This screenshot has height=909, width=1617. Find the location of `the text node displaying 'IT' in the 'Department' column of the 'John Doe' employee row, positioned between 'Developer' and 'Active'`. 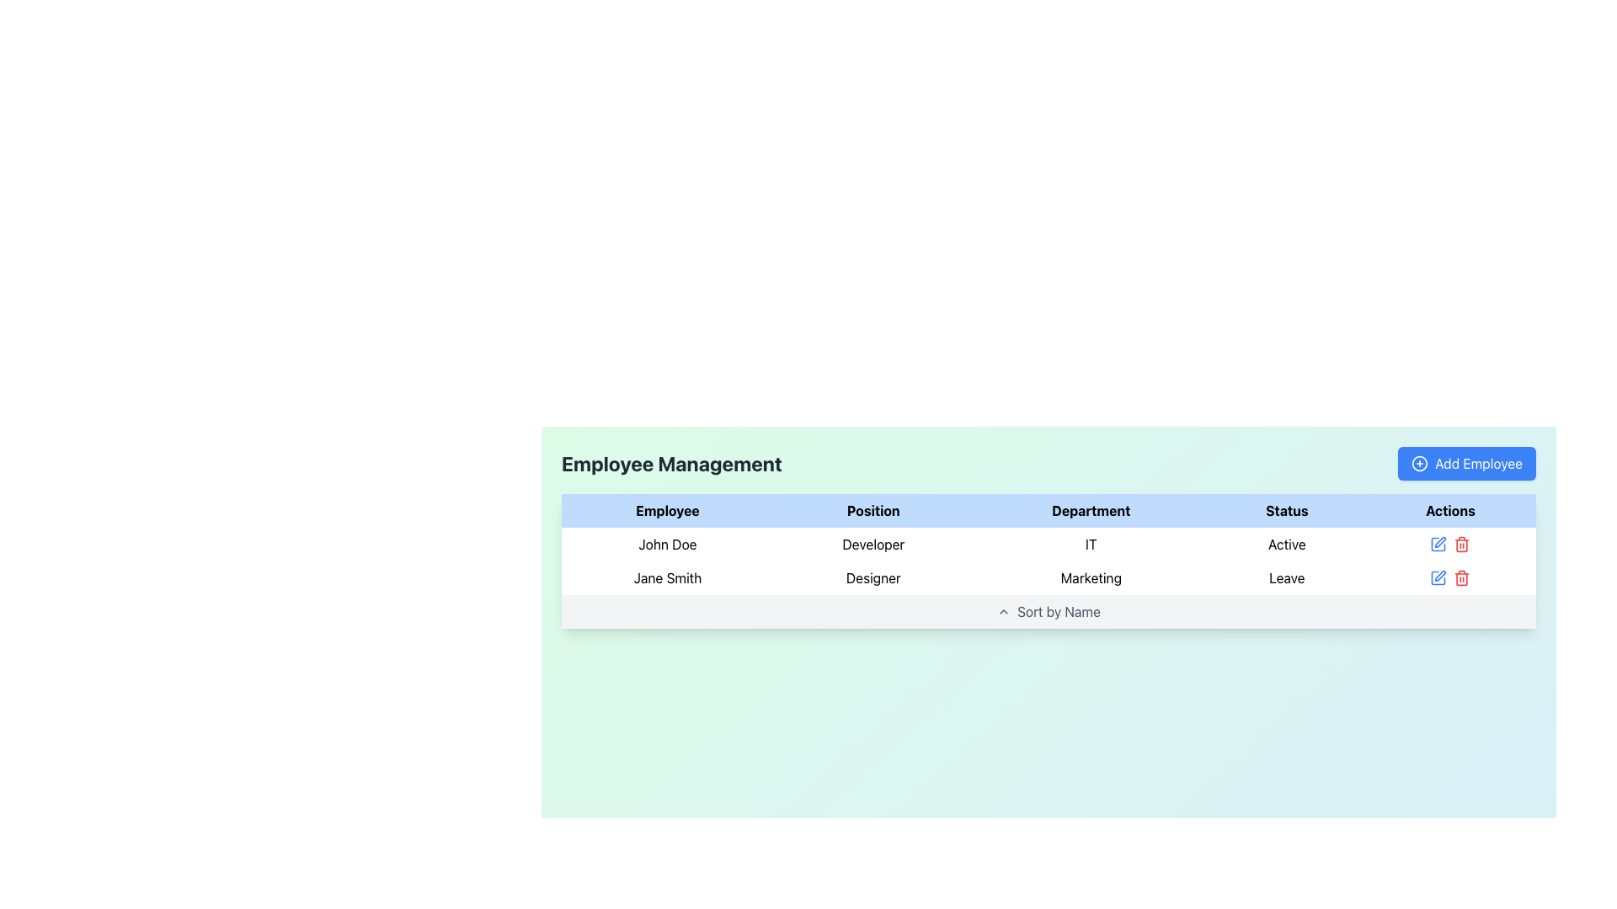

the text node displaying 'IT' in the 'Department' column of the 'John Doe' employee row, positioned between 'Developer' and 'Active' is located at coordinates (1091, 545).